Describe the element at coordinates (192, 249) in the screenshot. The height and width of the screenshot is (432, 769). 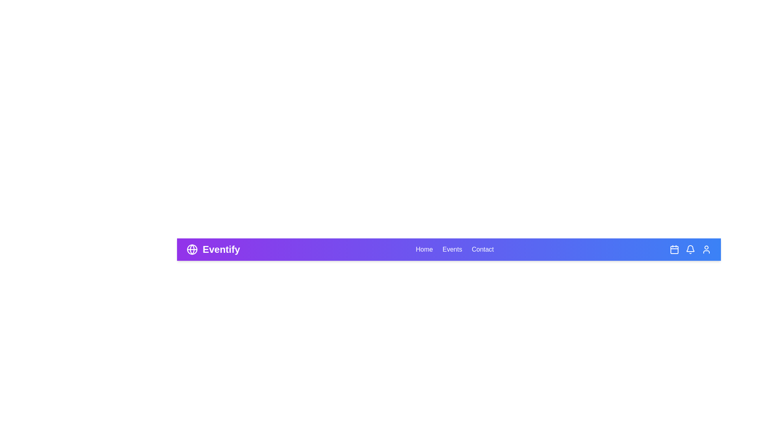
I see `the globe icon to access global settings or information` at that location.